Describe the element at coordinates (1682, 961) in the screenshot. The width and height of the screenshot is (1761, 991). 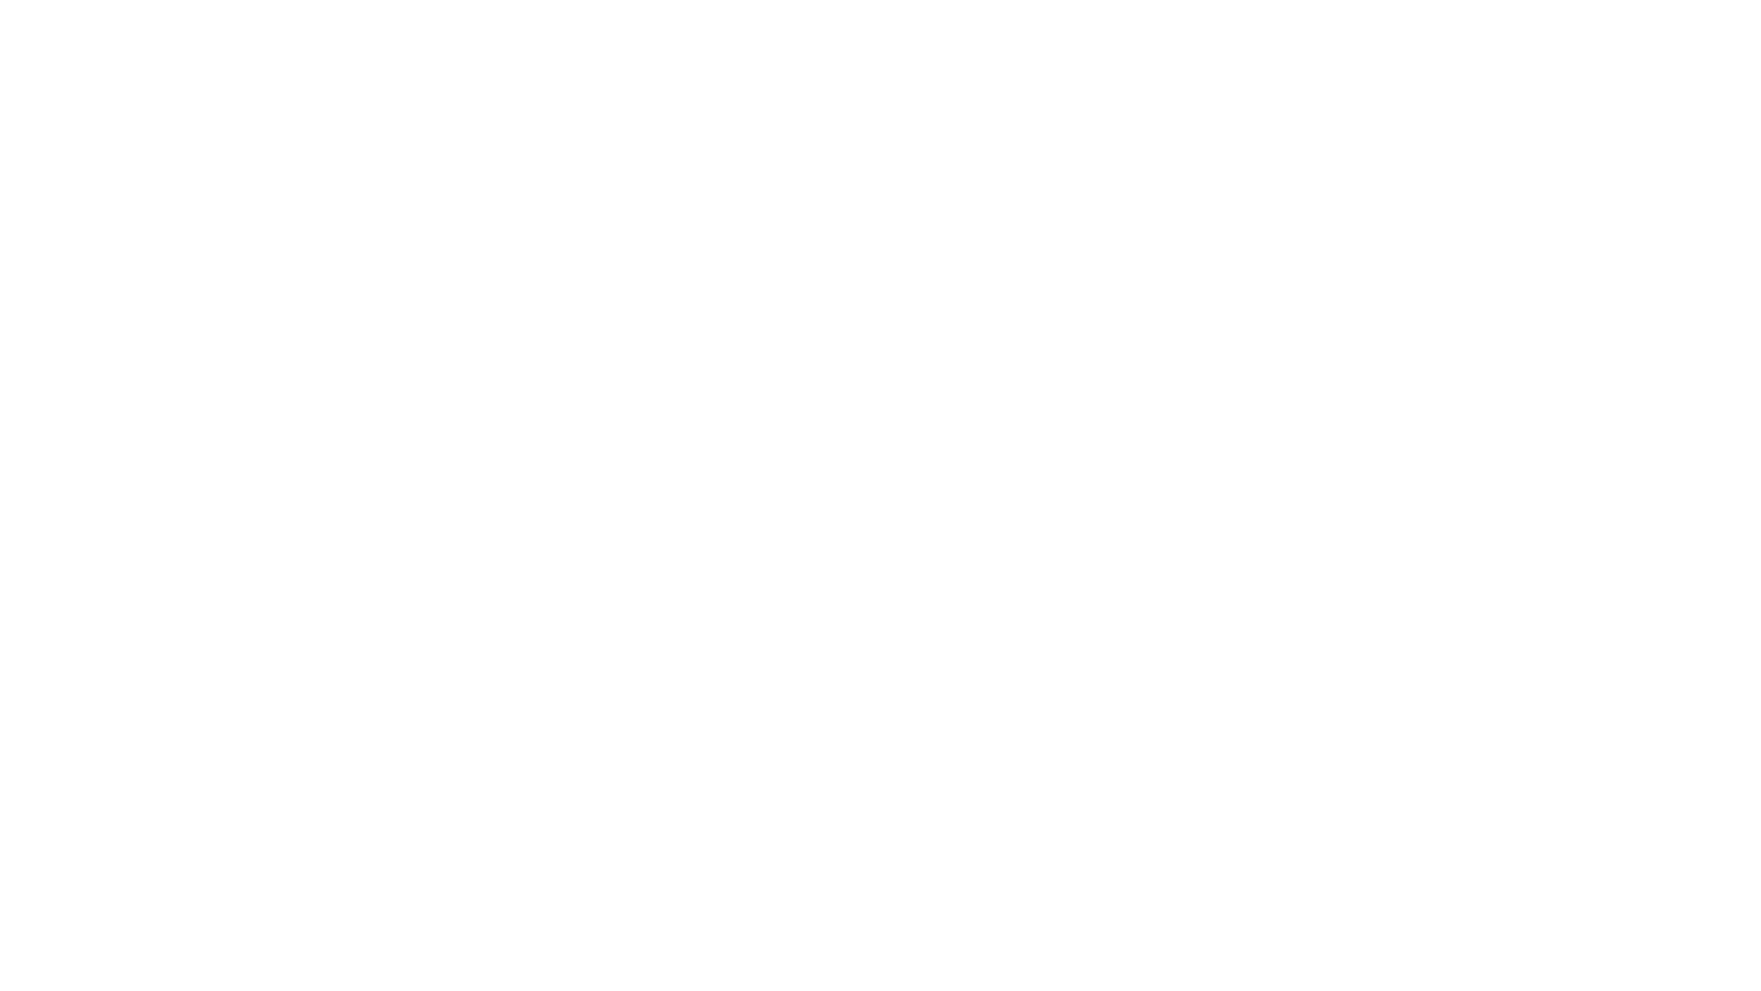
I see `Accept` at that location.